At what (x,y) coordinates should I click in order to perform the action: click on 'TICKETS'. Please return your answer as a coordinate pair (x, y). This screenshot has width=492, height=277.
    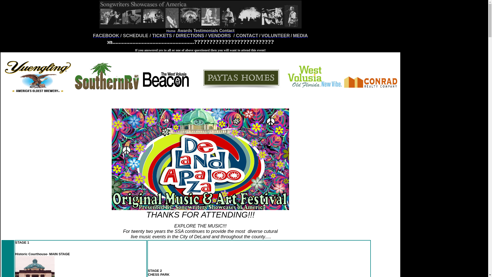
    Looking at the image, I should click on (162, 35).